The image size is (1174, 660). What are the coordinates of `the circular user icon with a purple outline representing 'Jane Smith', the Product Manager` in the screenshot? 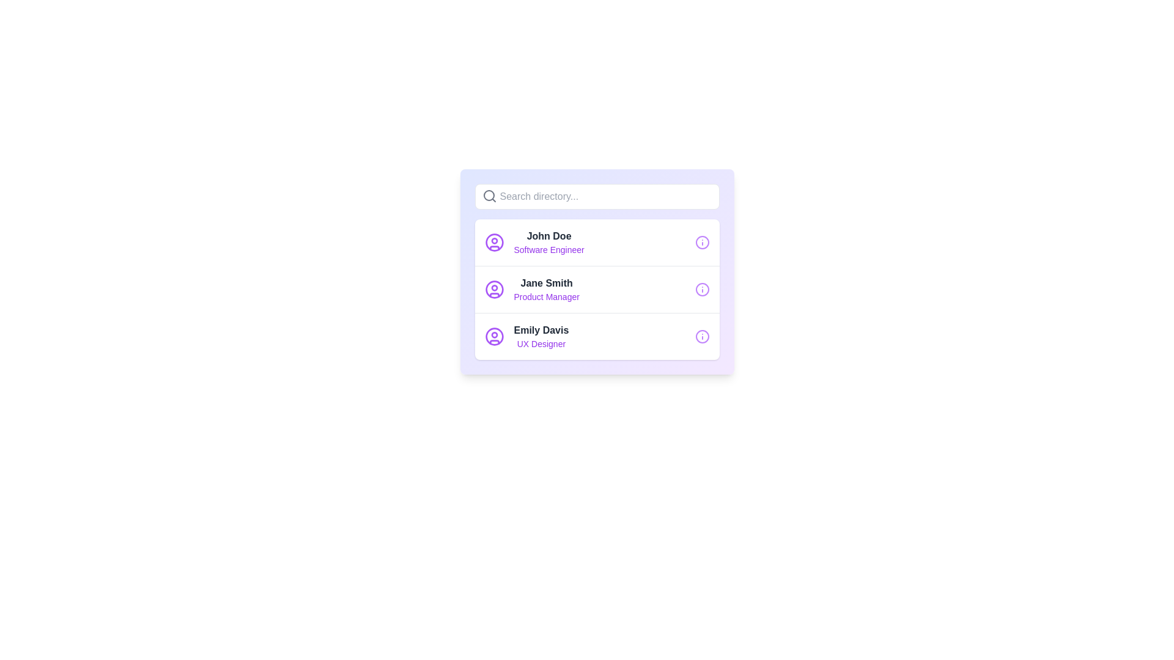 It's located at (494, 290).